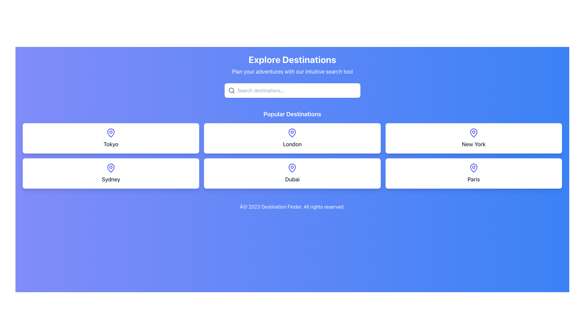  I want to click on the city card representing Sydney, located in the second row, first column of the grid layout, so click(111, 173).